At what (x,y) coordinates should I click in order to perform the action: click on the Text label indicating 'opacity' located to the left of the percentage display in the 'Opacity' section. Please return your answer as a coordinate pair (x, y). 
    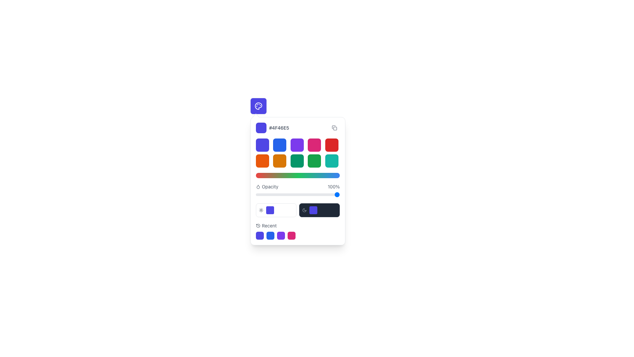
    Looking at the image, I should click on (267, 186).